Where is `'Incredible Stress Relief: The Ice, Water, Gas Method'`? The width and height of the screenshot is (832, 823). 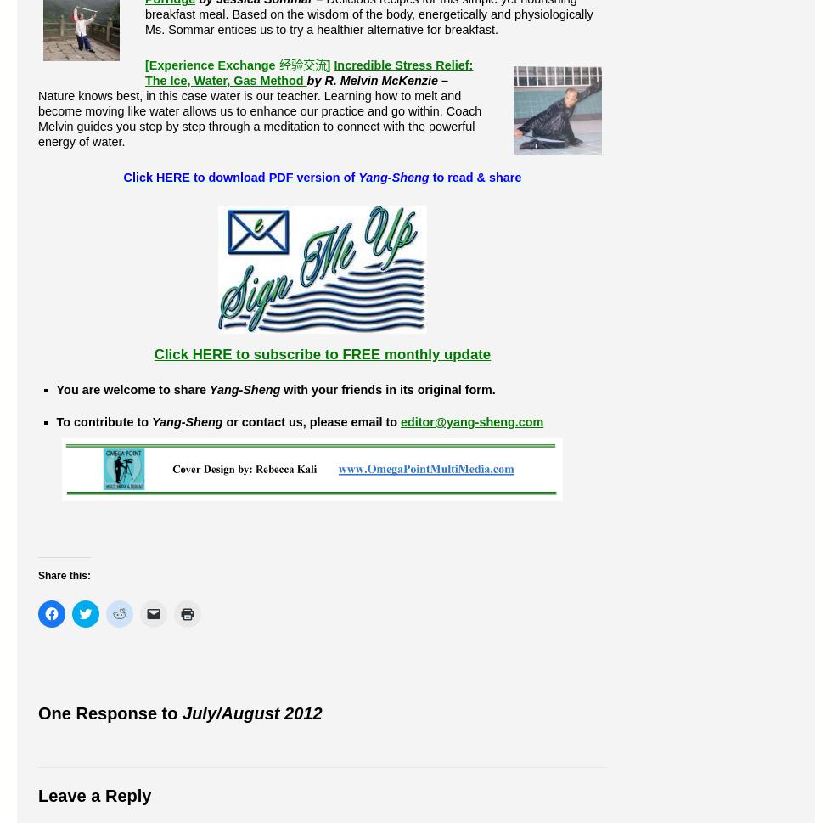
'Incredible Stress Relief: The Ice, Water, Gas Method' is located at coordinates (308, 72).